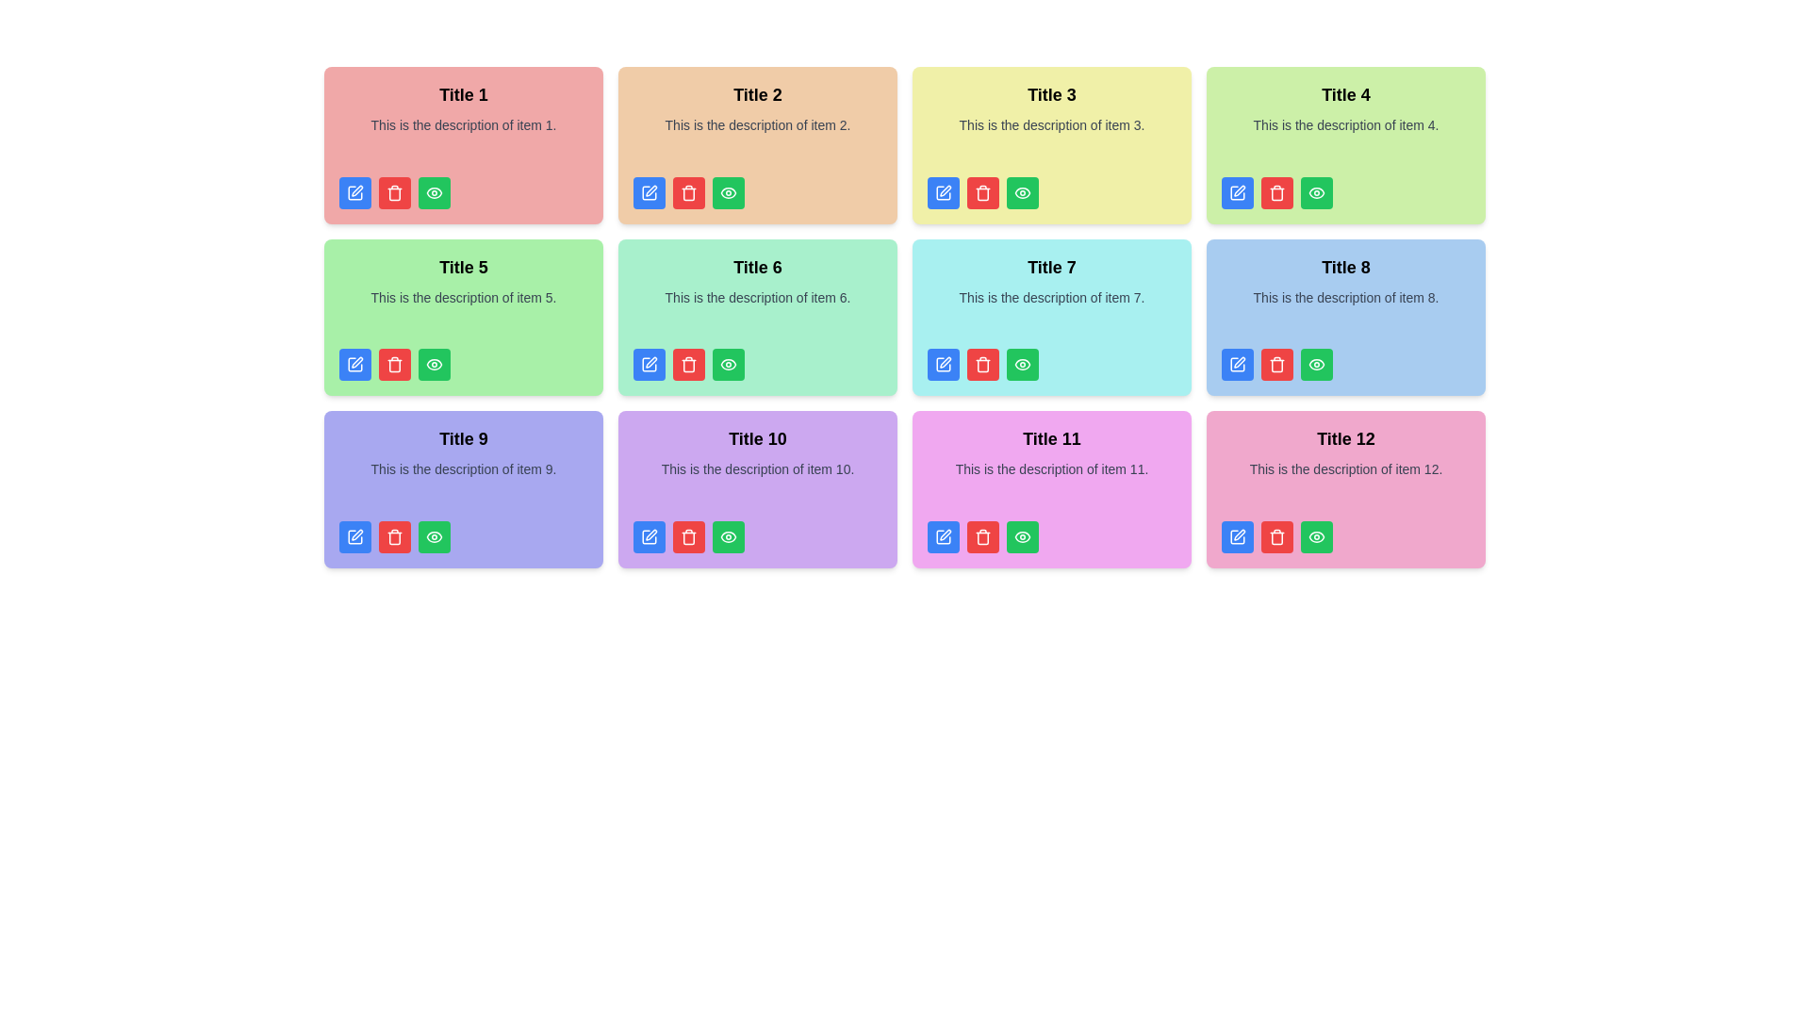  I want to click on the blue square button with a pencil icon located under 'Title 6' for accessibility purposes, so click(650, 364).